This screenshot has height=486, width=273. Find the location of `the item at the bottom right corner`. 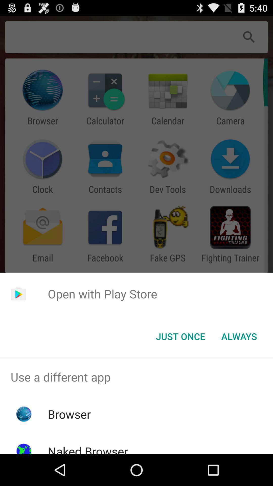

the item at the bottom right corner is located at coordinates (239, 336).